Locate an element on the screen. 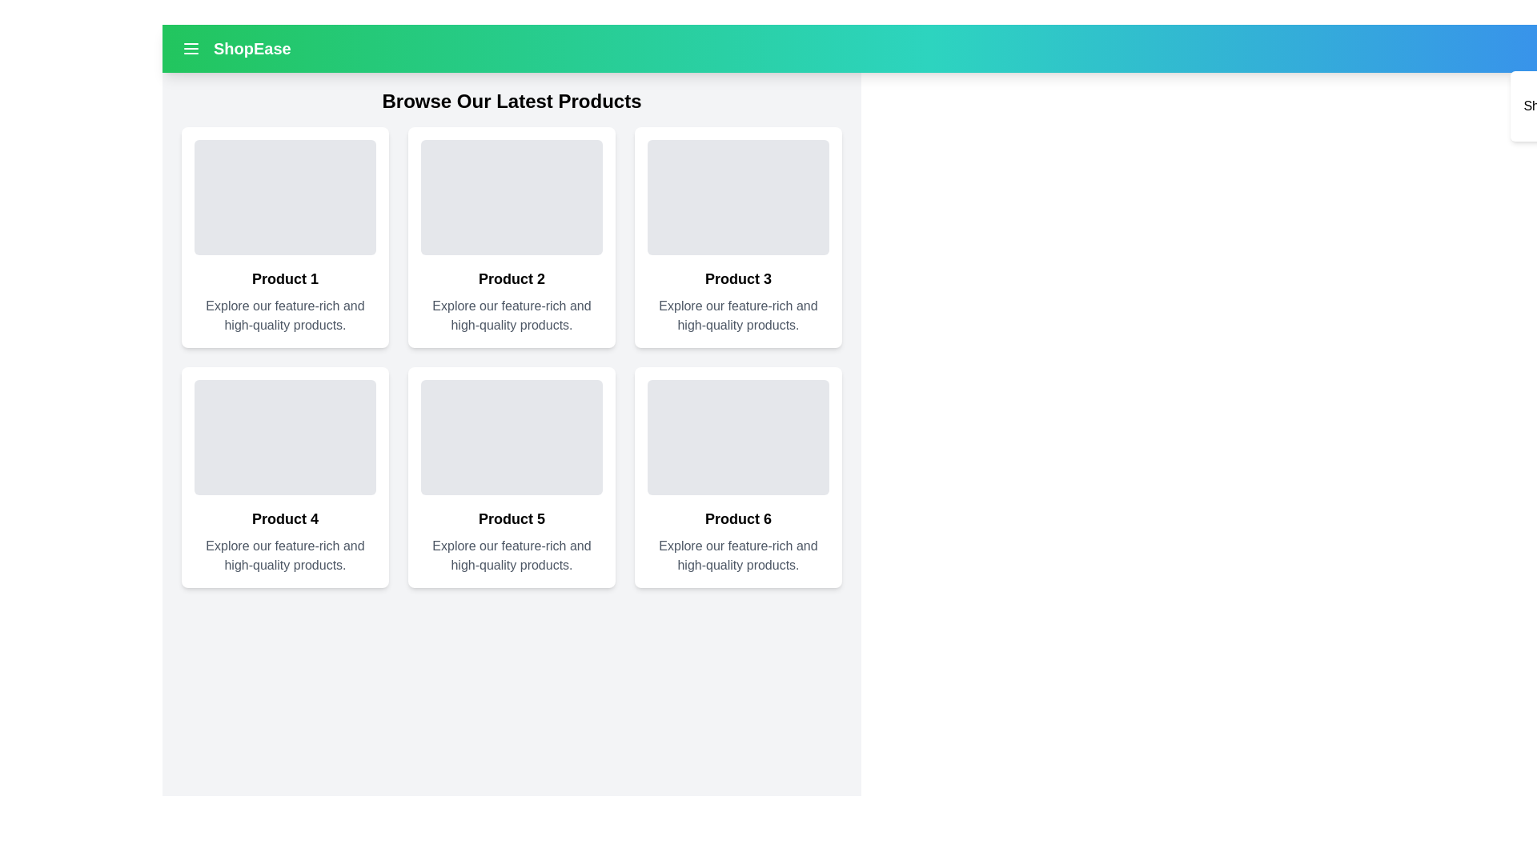 The image size is (1537, 864). the text label that contains 'Product 4', styled with bold and large font, positioned below a large placeholder image is located at coordinates (285, 518).